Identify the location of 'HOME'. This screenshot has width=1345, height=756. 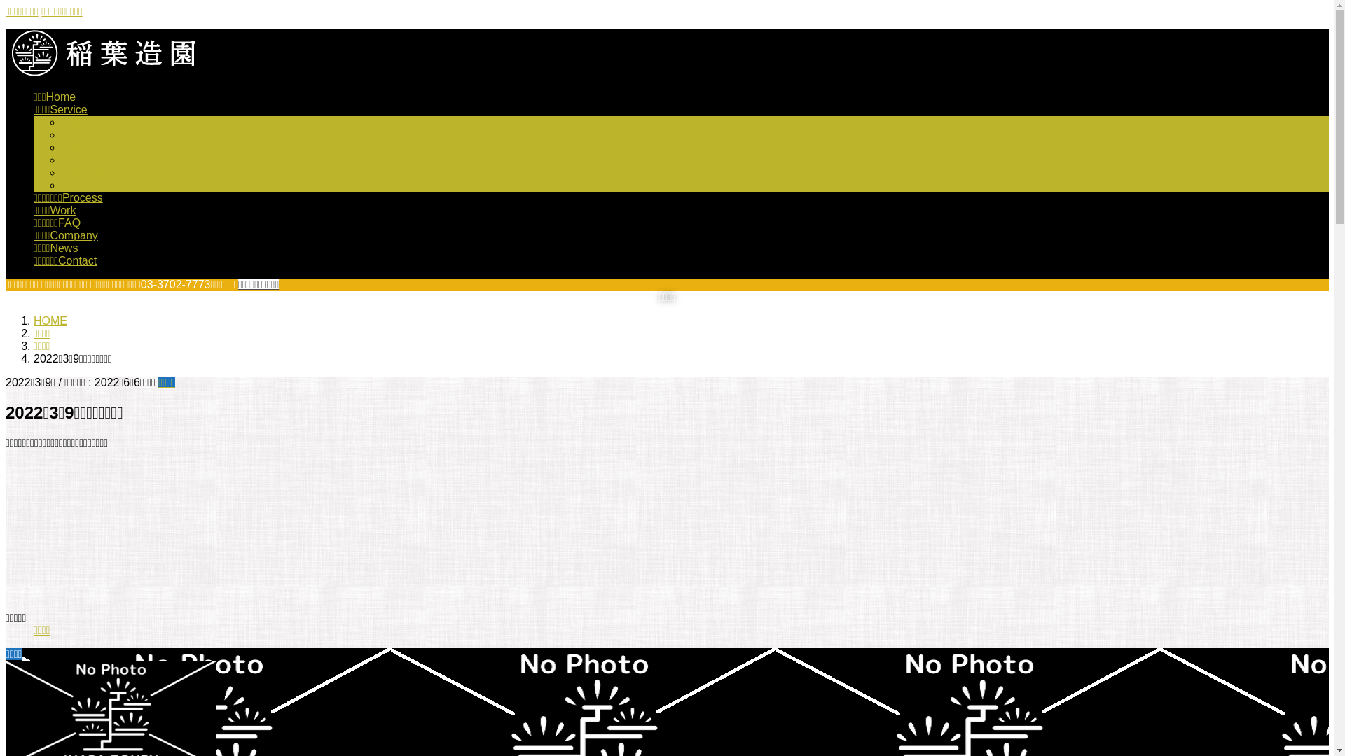
(50, 321).